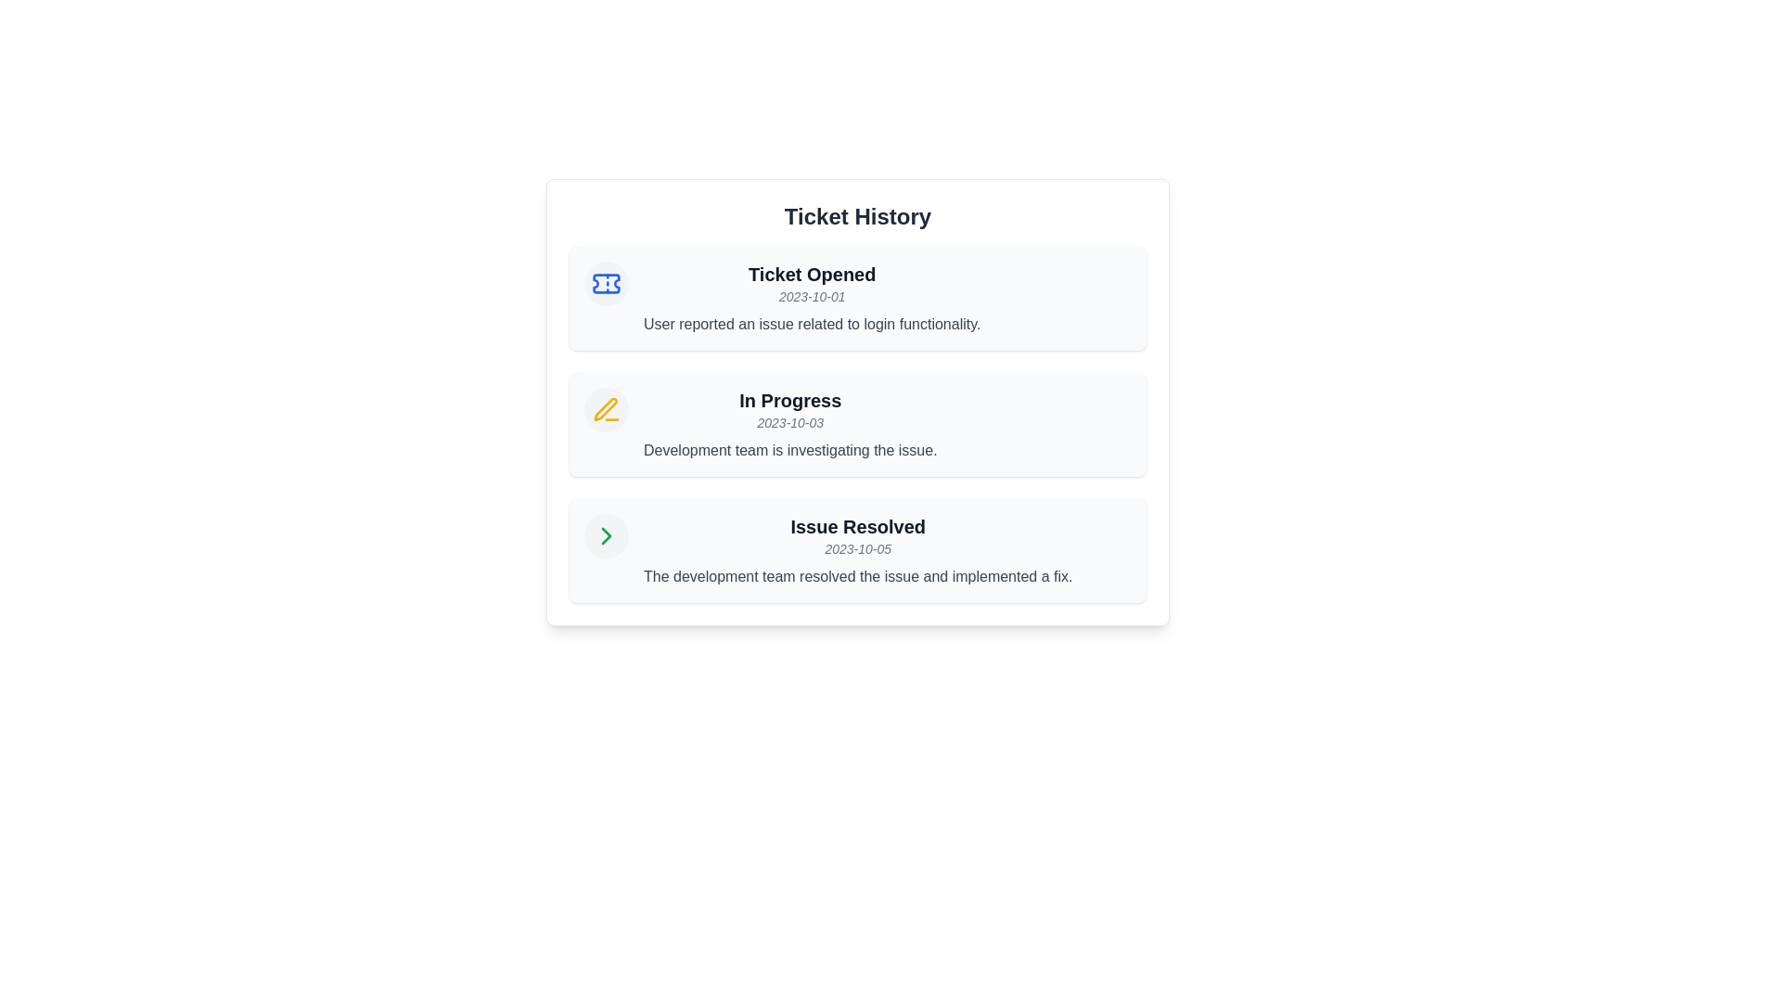 The width and height of the screenshot is (1781, 1002). I want to click on the 'Issue Resolved' status text content block located in the 'Ticket History' section, which includes resolution date and action description, so click(857, 550).